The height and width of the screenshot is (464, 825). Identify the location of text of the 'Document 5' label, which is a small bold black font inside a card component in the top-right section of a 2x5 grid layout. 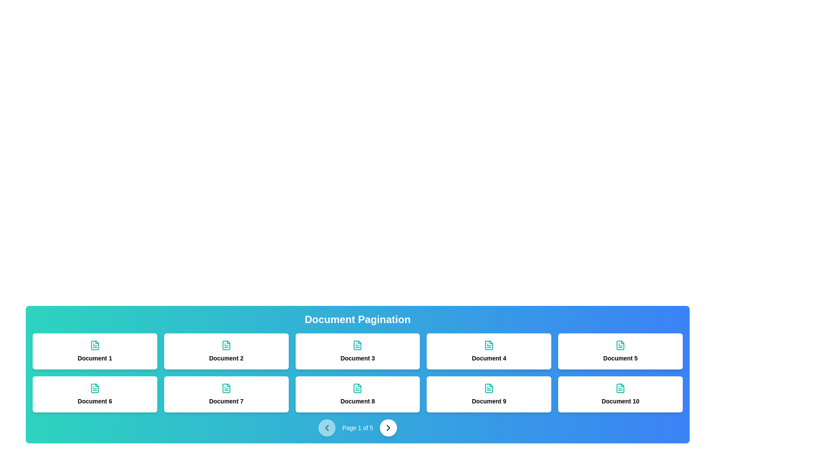
(620, 358).